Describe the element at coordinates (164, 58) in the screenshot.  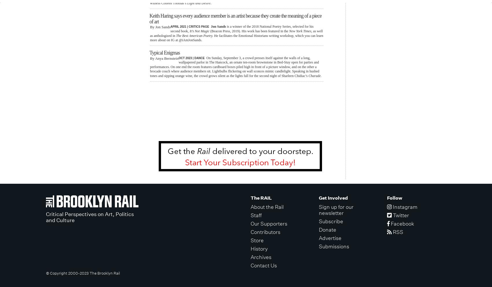
I see `'By Anya Bernstein'` at that location.